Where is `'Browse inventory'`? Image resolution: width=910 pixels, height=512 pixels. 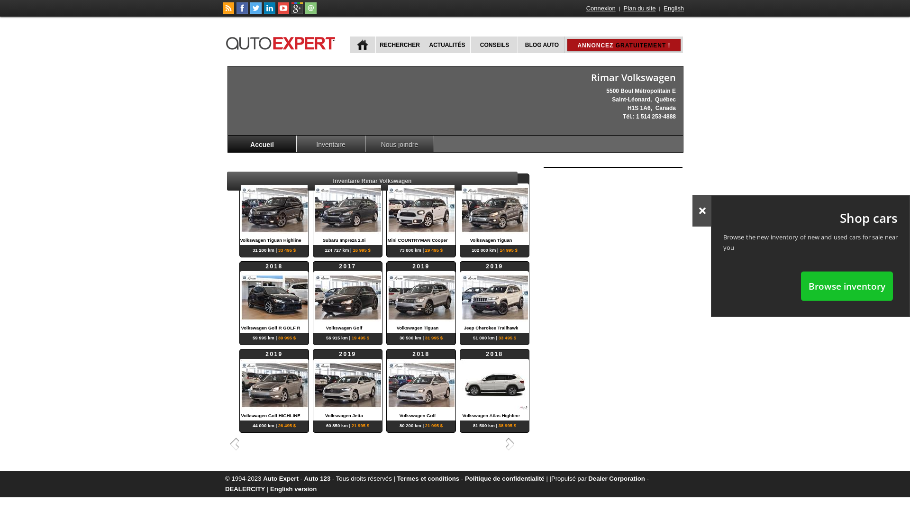 'Browse inventory' is located at coordinates (800, 285).